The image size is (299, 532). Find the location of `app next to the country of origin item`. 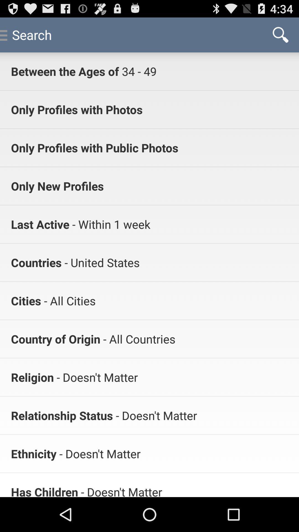

app next to the country of origin item is located at coordinates (137, 339).